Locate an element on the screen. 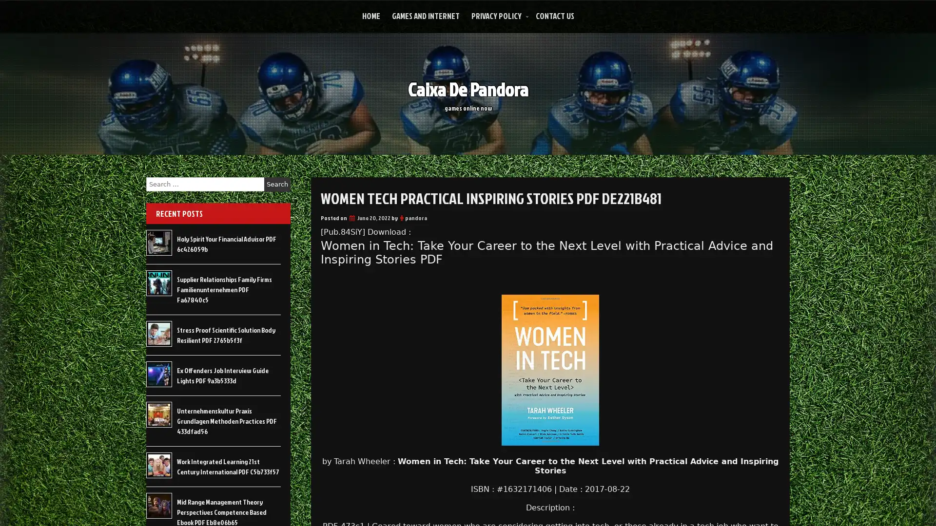 The height and width of the screenshot is (526, 936). Search is located at coordinates (277, 184).